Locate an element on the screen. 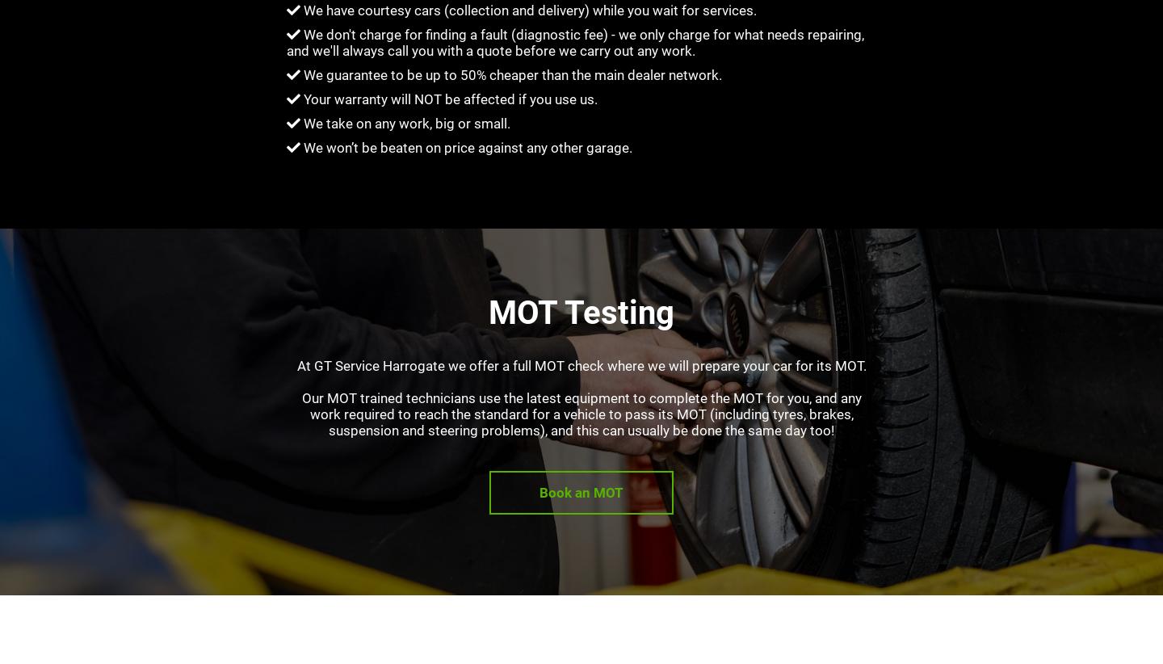  'Book an MOT' is located at coordinates (581, 491).